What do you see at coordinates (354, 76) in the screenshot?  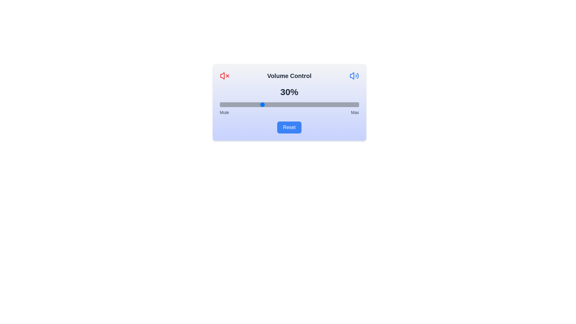 I see `the max icon to toggle its state` at bounding box center [354, 76].